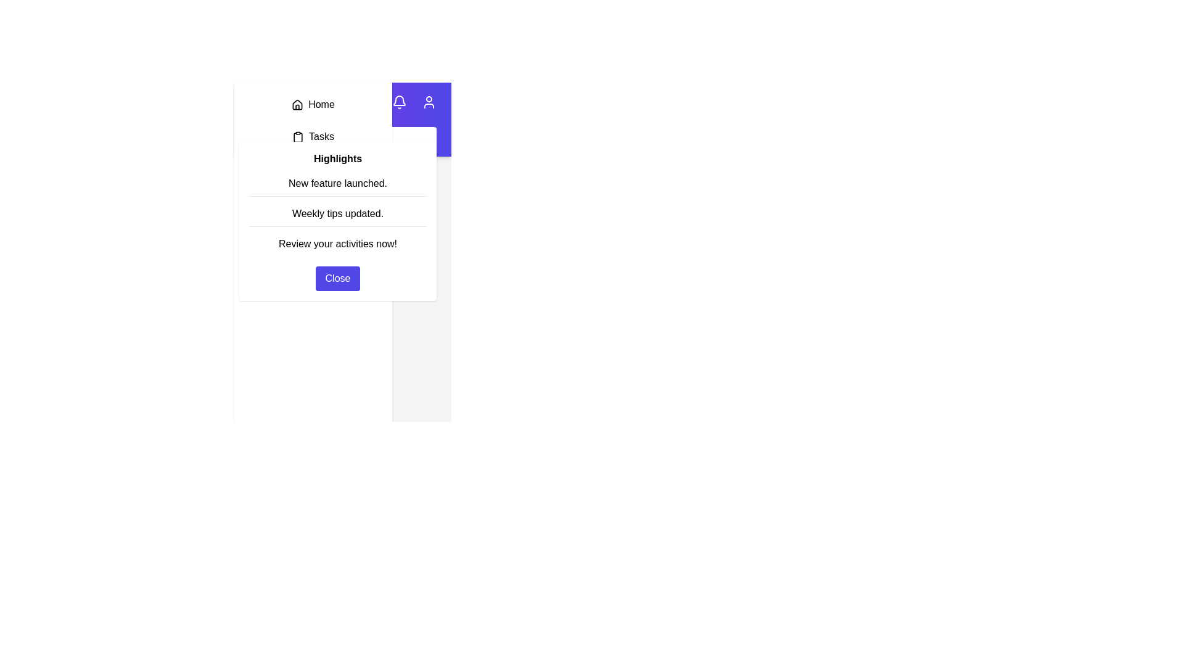  Describe the element at coordinates (337, 244) in the screenshot. I see `the informational static text encouraging the user to review their activities, which is the third item in the list beneath the 'Highlights' header` at that location.